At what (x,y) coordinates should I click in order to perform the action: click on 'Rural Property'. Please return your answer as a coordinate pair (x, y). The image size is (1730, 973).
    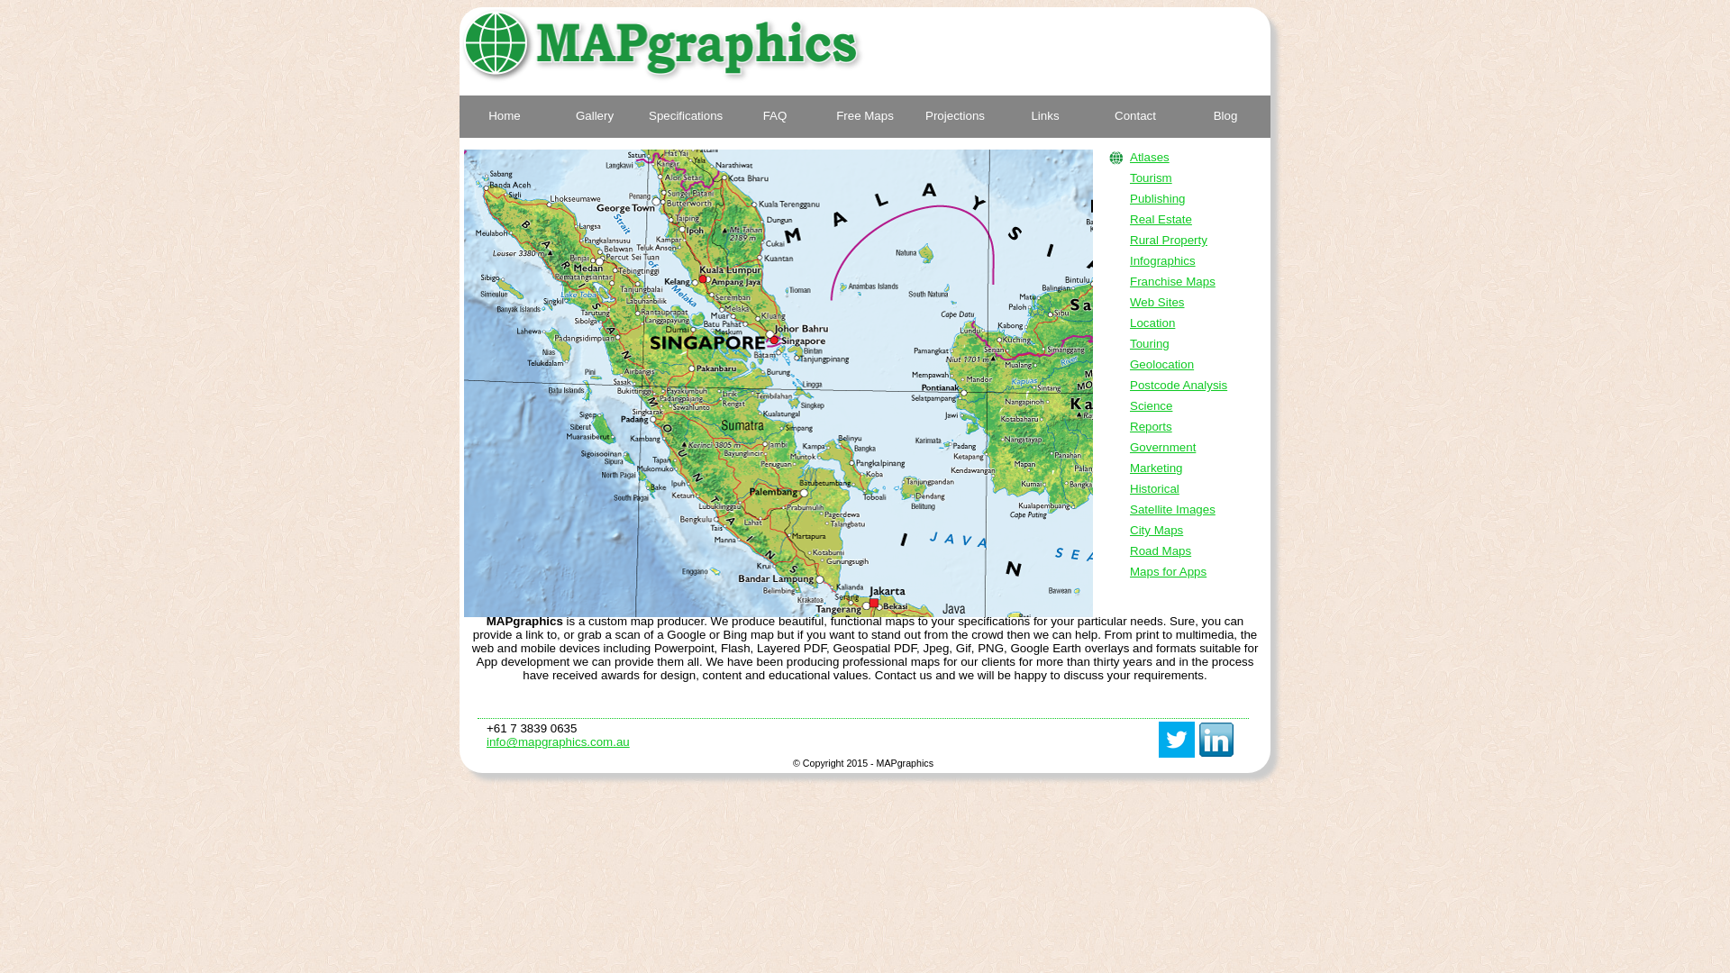
    Looking at the image, I should click on (1168, 239).